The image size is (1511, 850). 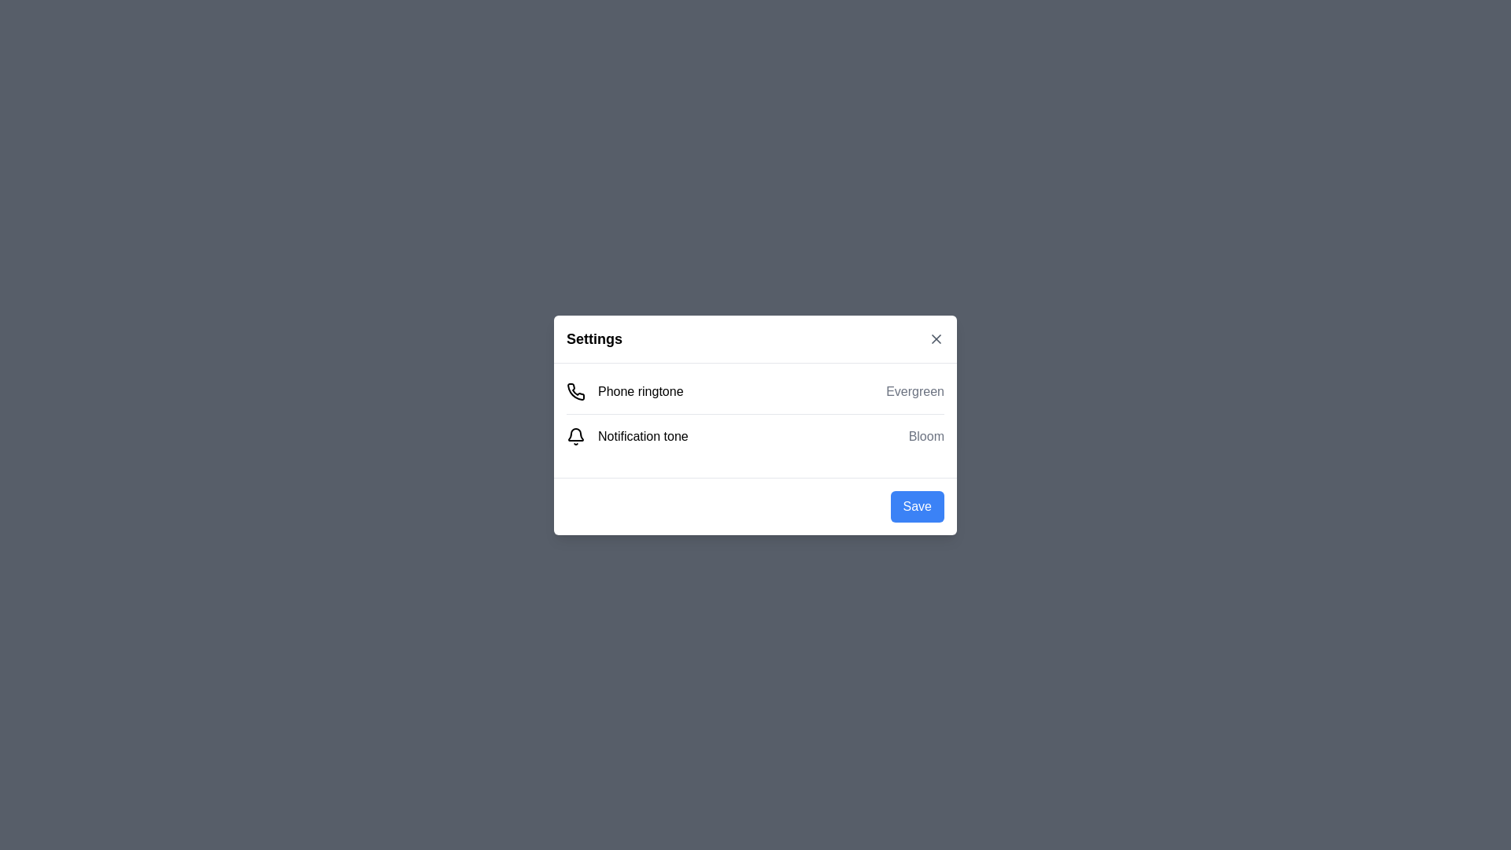 What do you see at coordinates (575, 390) in the screenshot?
I see `the phone-shaped icon located adjacent to the 'Phone ringtone' label in the settings menu` at bounding box center [575, 390].